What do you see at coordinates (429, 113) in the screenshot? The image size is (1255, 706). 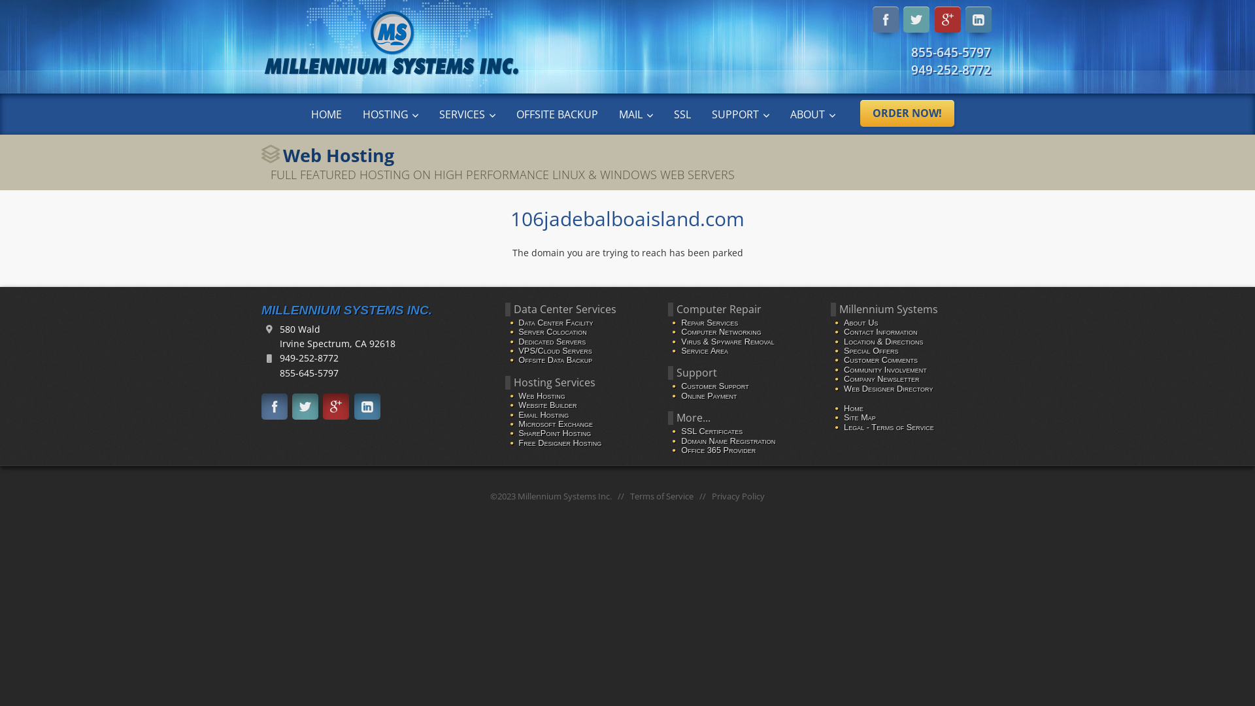 I see `'SERVICES'` at bounding box center [429, 113].